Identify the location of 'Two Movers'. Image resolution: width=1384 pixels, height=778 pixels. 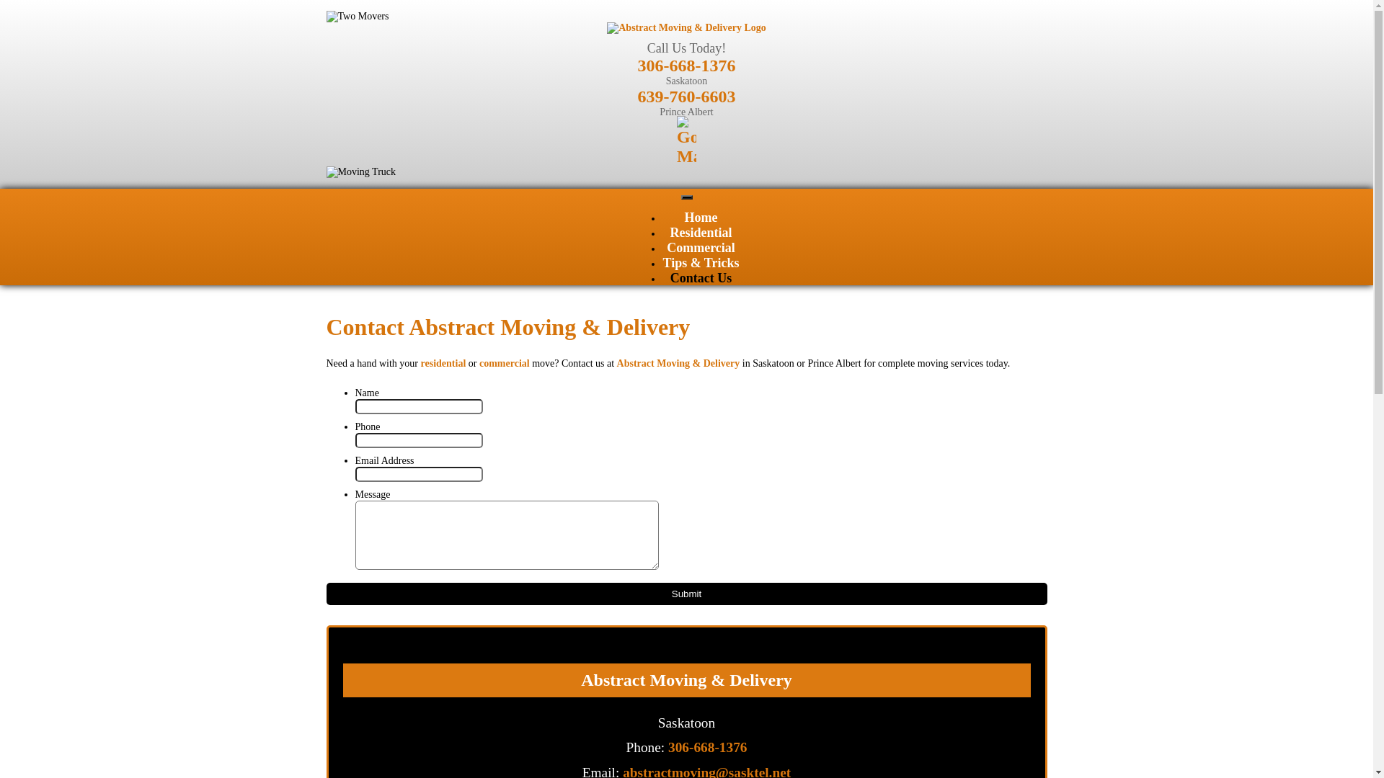
(357, 17).